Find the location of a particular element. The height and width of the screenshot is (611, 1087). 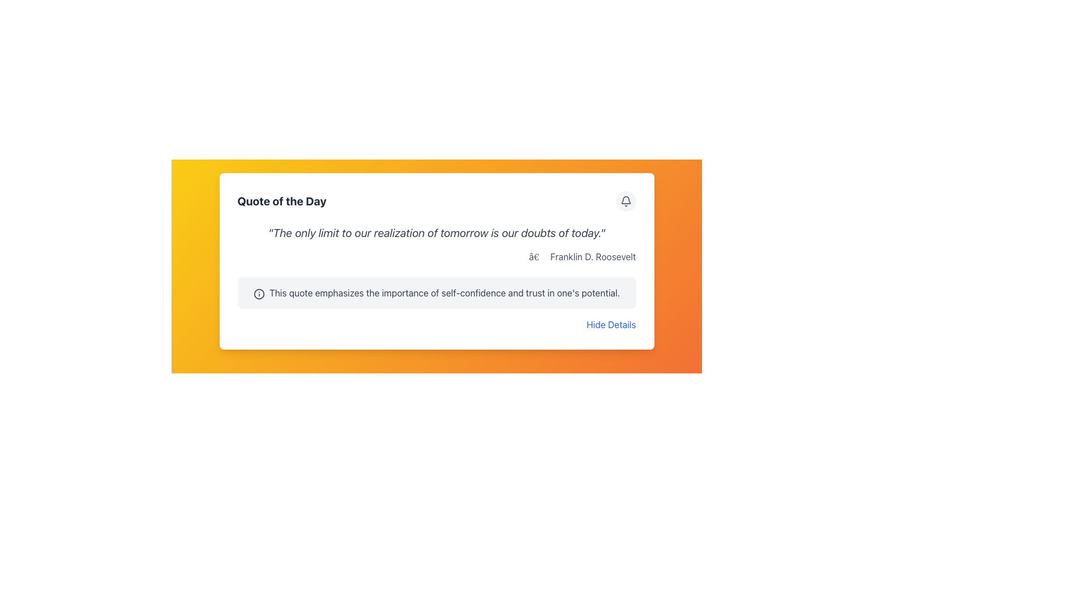

the static text element that reads 'The only limit to our realization of tomorrow is our doubts of today.', which is styled in italic and larger size, located below the title 'Quote of the Day' is located at coordinates (436, 233).